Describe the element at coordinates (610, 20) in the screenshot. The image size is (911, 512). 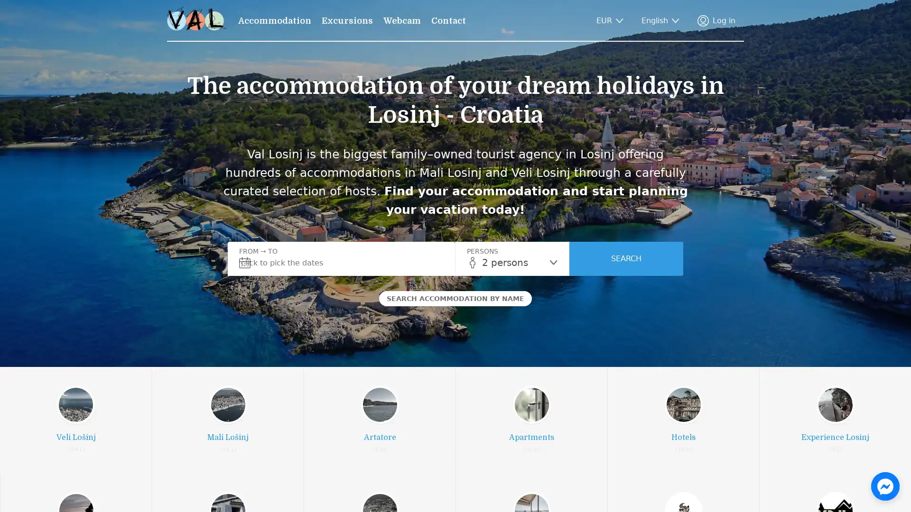
I see `Currency EUR` at that location.